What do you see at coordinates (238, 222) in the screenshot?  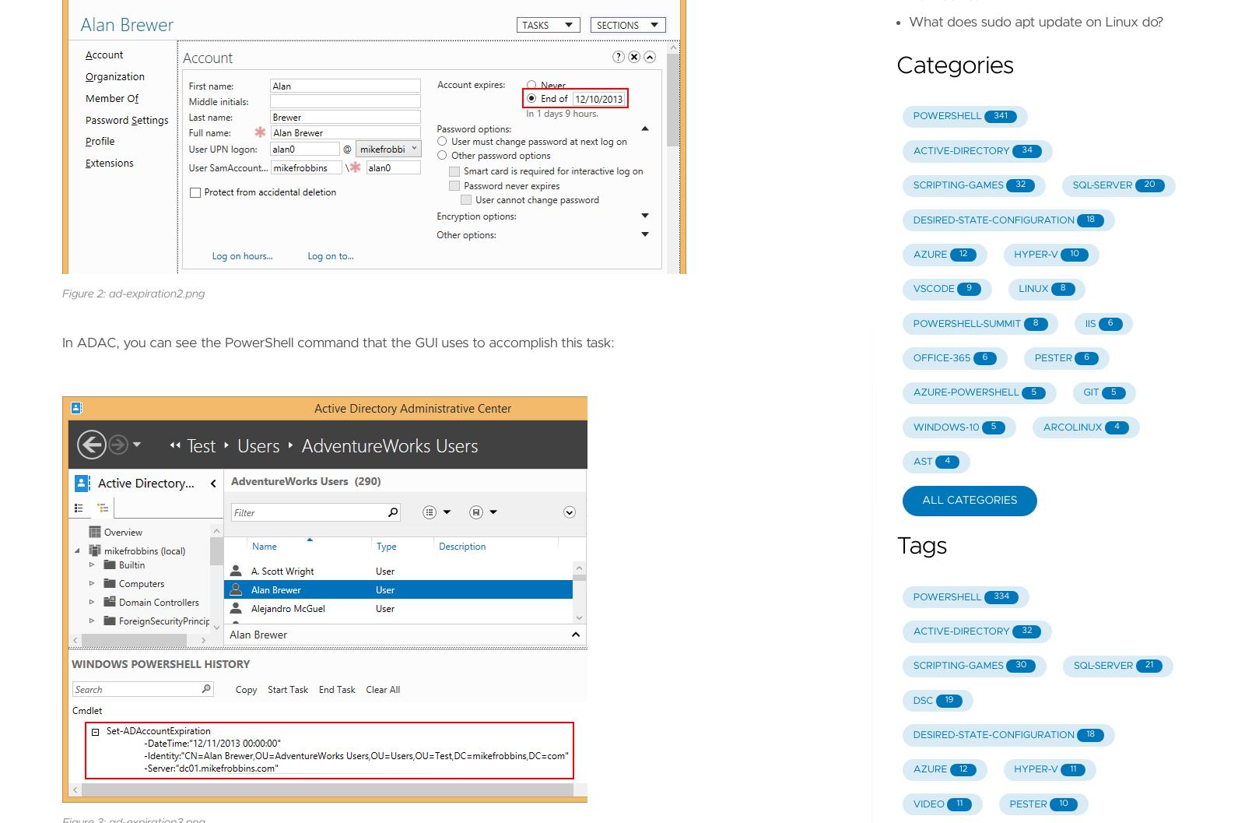 I see `'alan0'` at bounding box center [238, 222].